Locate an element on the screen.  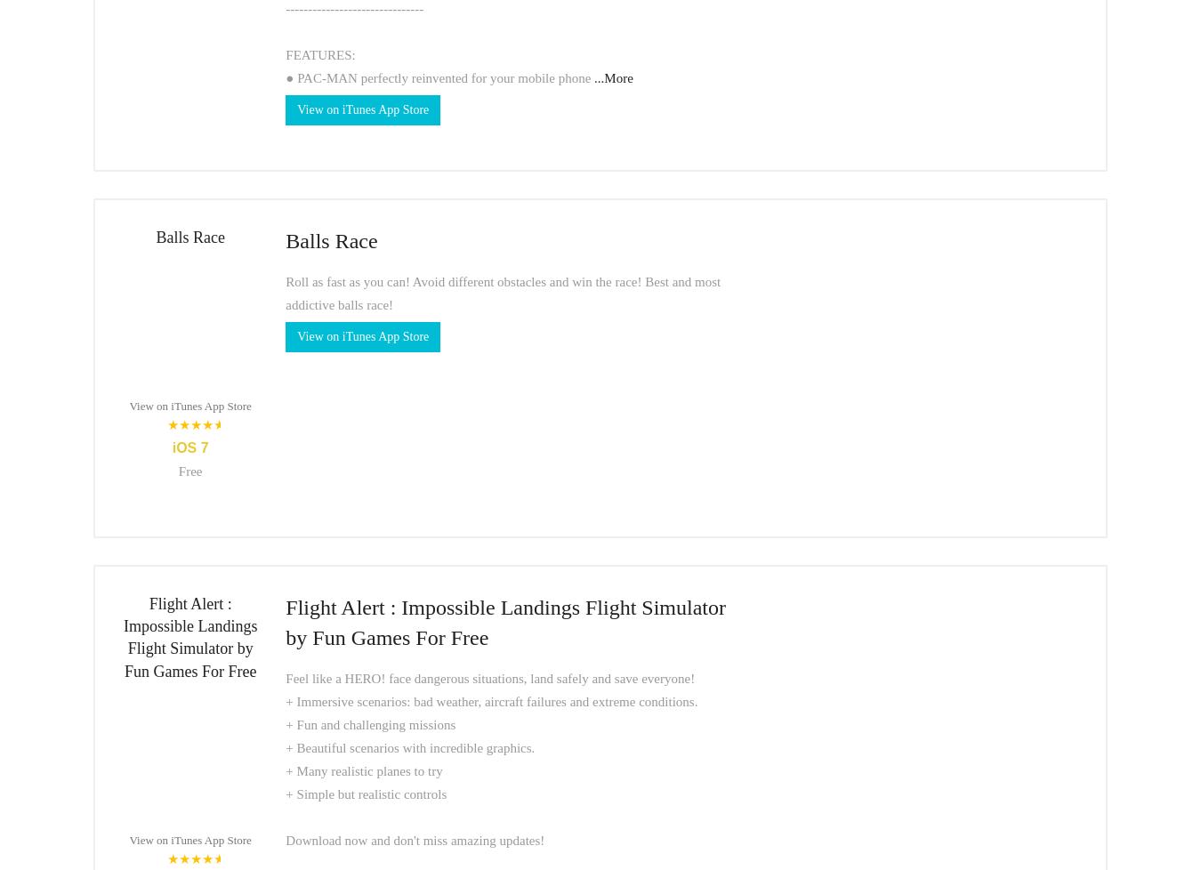
'+ Immersive scenarios: bad weather, aircraft failures and extreme conditions.' is located at coordinates (490, 700).